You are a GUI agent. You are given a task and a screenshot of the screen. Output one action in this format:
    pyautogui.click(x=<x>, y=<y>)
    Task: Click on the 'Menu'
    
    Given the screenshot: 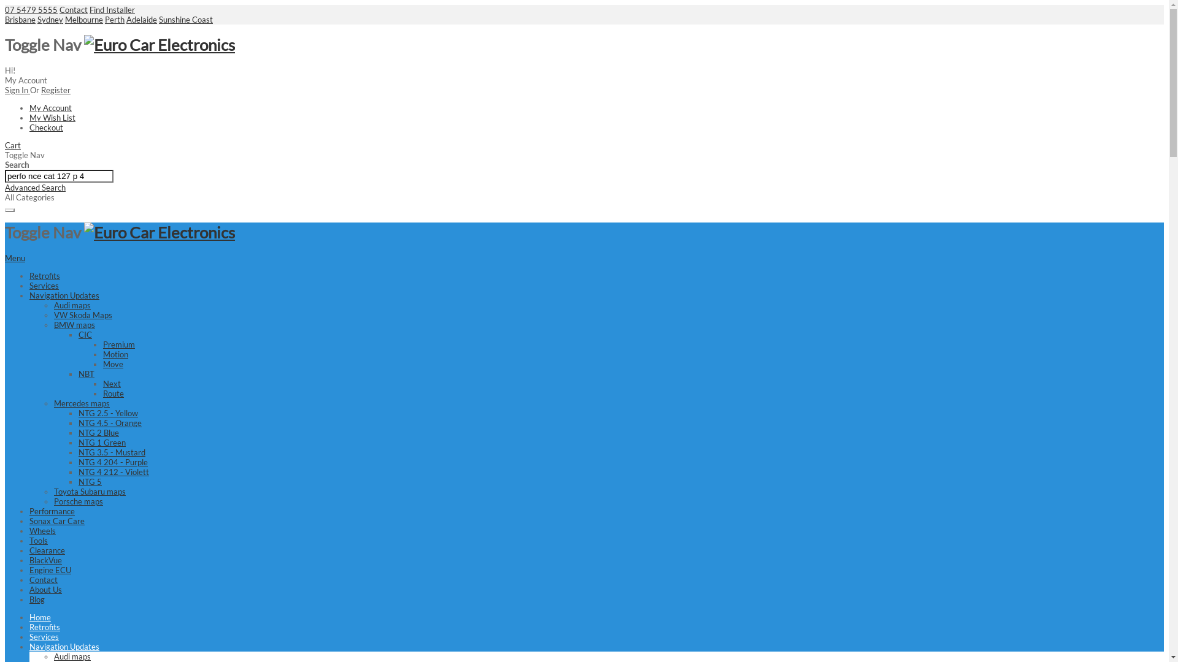 What is the action you would take?
    pyautogui.click(x=15, y=257)
    